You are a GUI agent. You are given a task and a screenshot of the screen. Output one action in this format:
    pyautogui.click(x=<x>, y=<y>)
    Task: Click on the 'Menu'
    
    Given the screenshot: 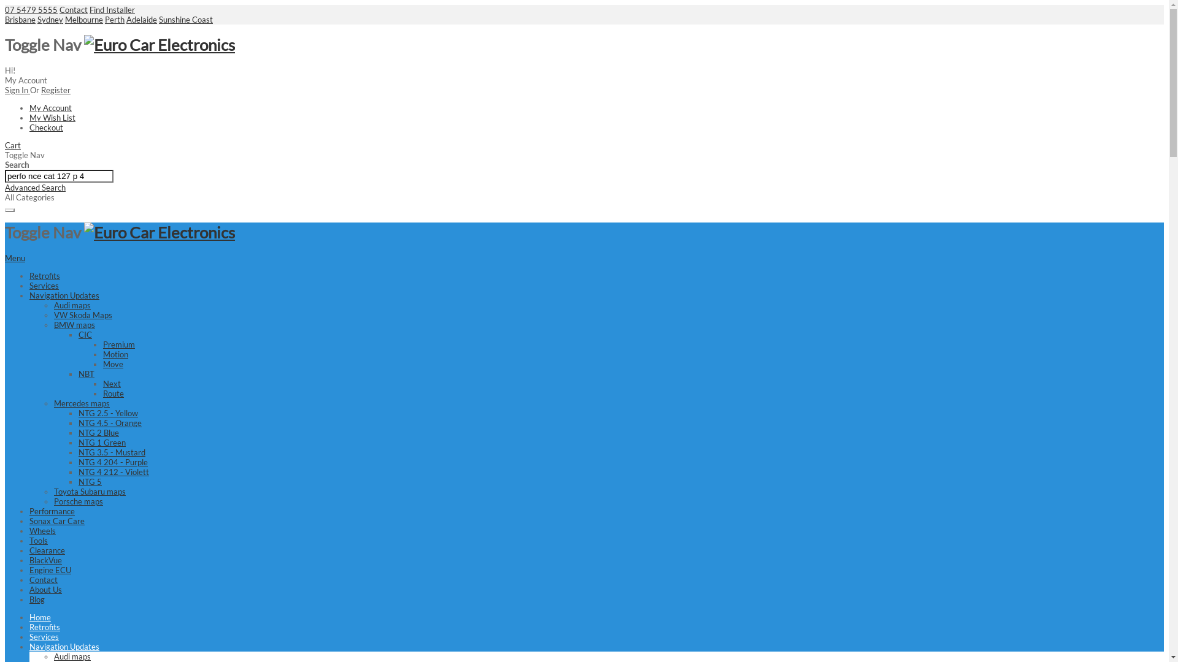 What is the action you would take?
    pyautogui.click(x=15, y=257)
    